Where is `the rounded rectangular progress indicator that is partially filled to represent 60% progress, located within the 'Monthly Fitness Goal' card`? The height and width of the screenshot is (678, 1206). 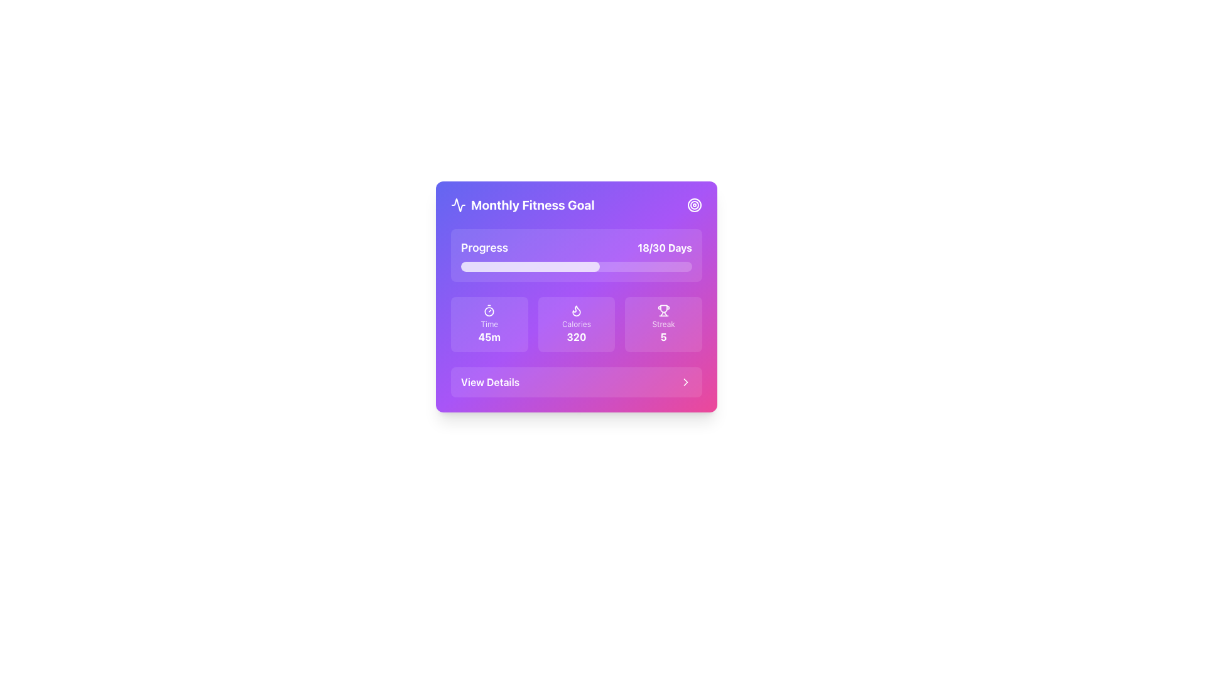 the rounded rectangular progress indicator that is partially filled to represent 60% progress, located within the 'Monthly Fitness Goal' card is located at coordinates (530, 266).